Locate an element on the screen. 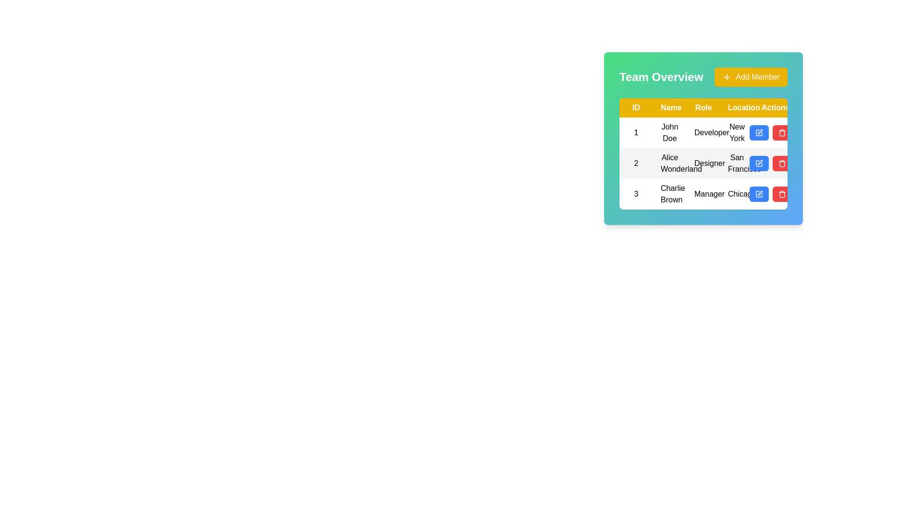  the edit button located in the first row of the 'Actions' column in the 'Team Overview' card is located at coordinates (758, 133).